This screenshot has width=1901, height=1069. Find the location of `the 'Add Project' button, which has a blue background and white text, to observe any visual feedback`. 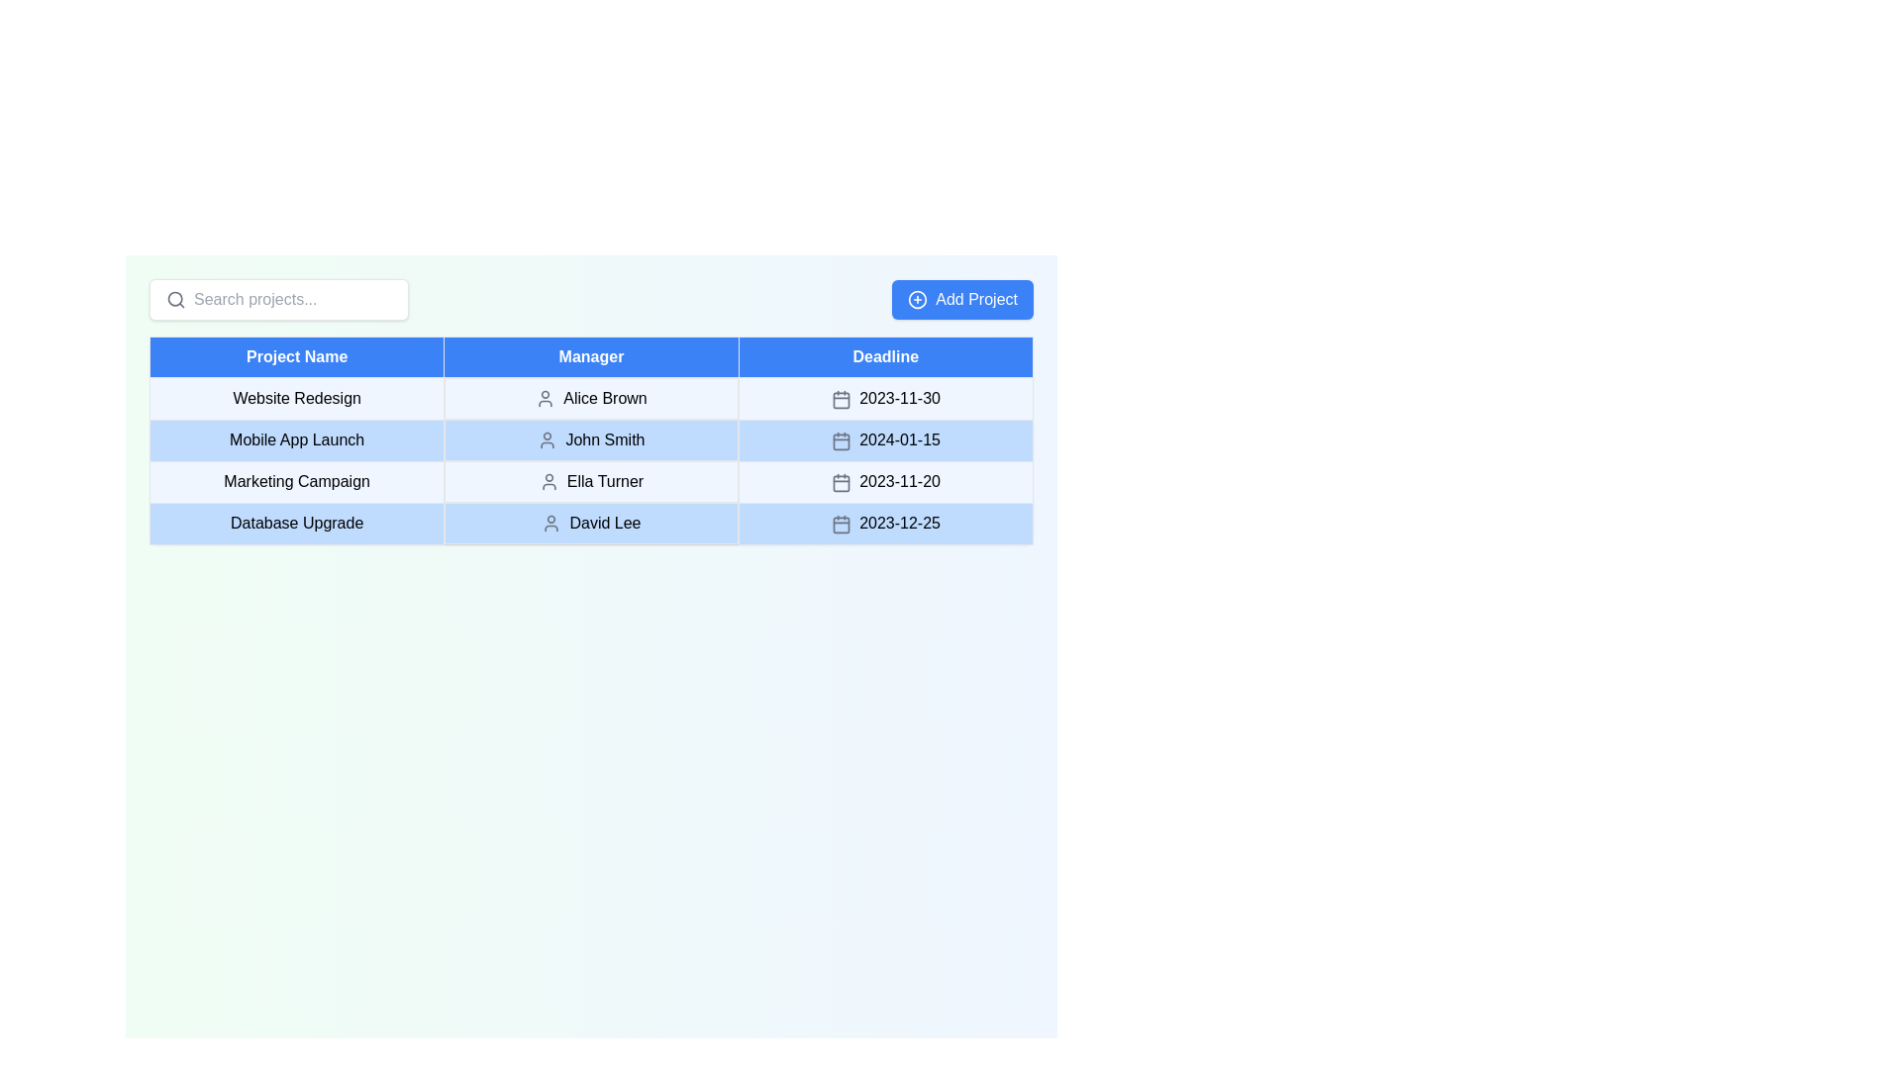

the 'Add Project' button, which has a blue background and white text, to observe any visual feedback is located at coordinates (962, 300).